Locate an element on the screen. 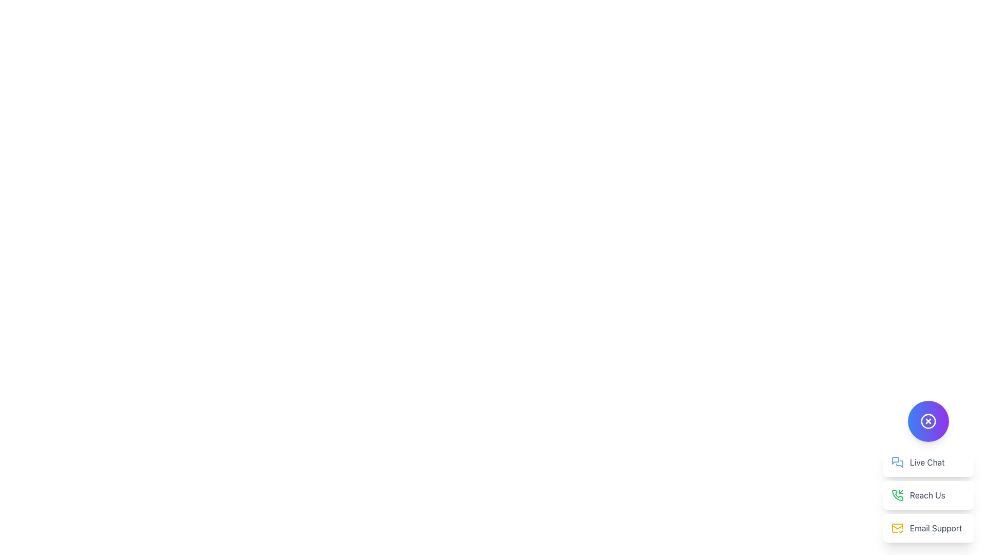  the text indicating an option for contacting support via email, located in the third white box with rounded corners and shadow effects in the bottom-right corner of the interface is located at coordinates (936, 528).